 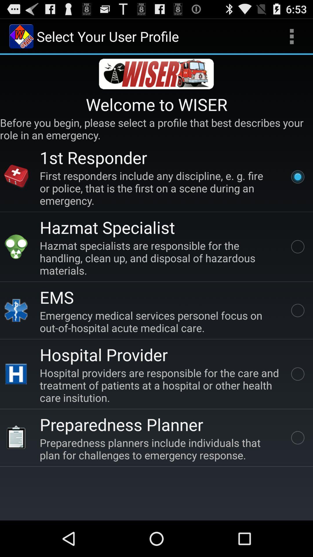 What do you see at coordinates (161, 321) in the screenshot?
I see `emergency medical services icon` at bounding box center [161, 321].